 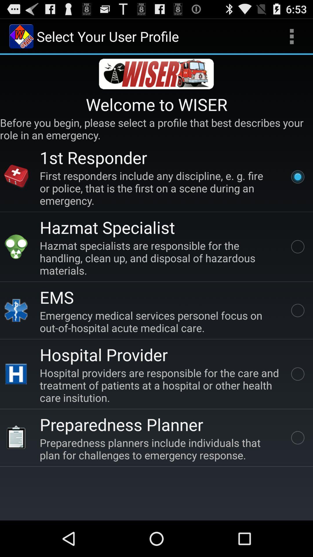 What do you see at coordinates (161, 321) in the screenshot?
I see `emergency medical services icon` at bounding box center [161, 321].